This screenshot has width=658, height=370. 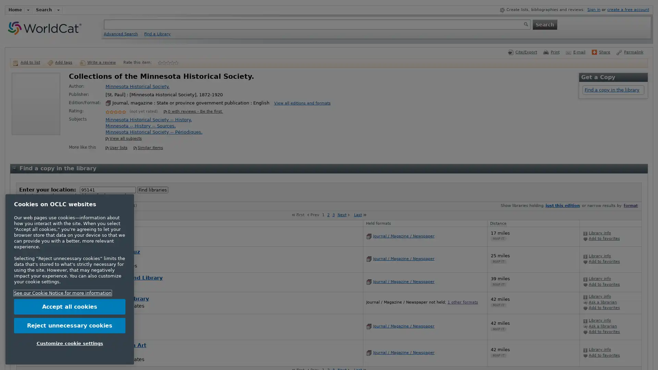 What do you see at coordinates (152, 190) in the screenshot?
I see `Find libraries` at bounding box center [152, 190].